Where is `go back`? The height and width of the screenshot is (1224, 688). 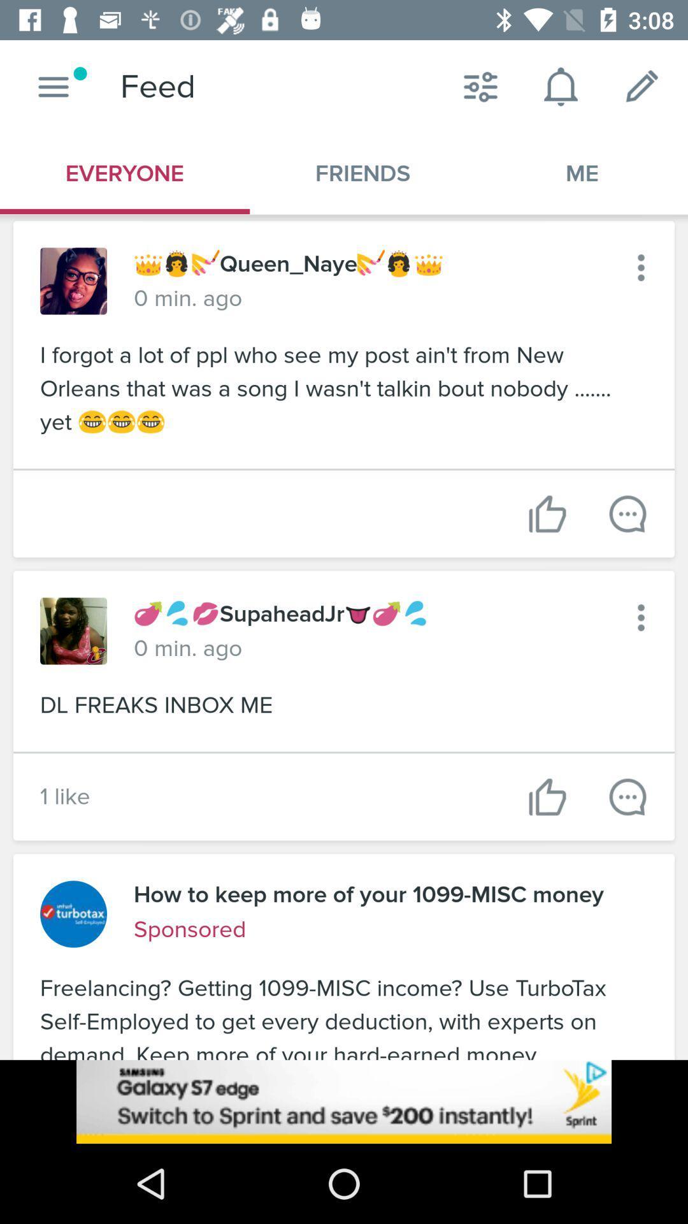 go back is located at coordinates (641, 267).